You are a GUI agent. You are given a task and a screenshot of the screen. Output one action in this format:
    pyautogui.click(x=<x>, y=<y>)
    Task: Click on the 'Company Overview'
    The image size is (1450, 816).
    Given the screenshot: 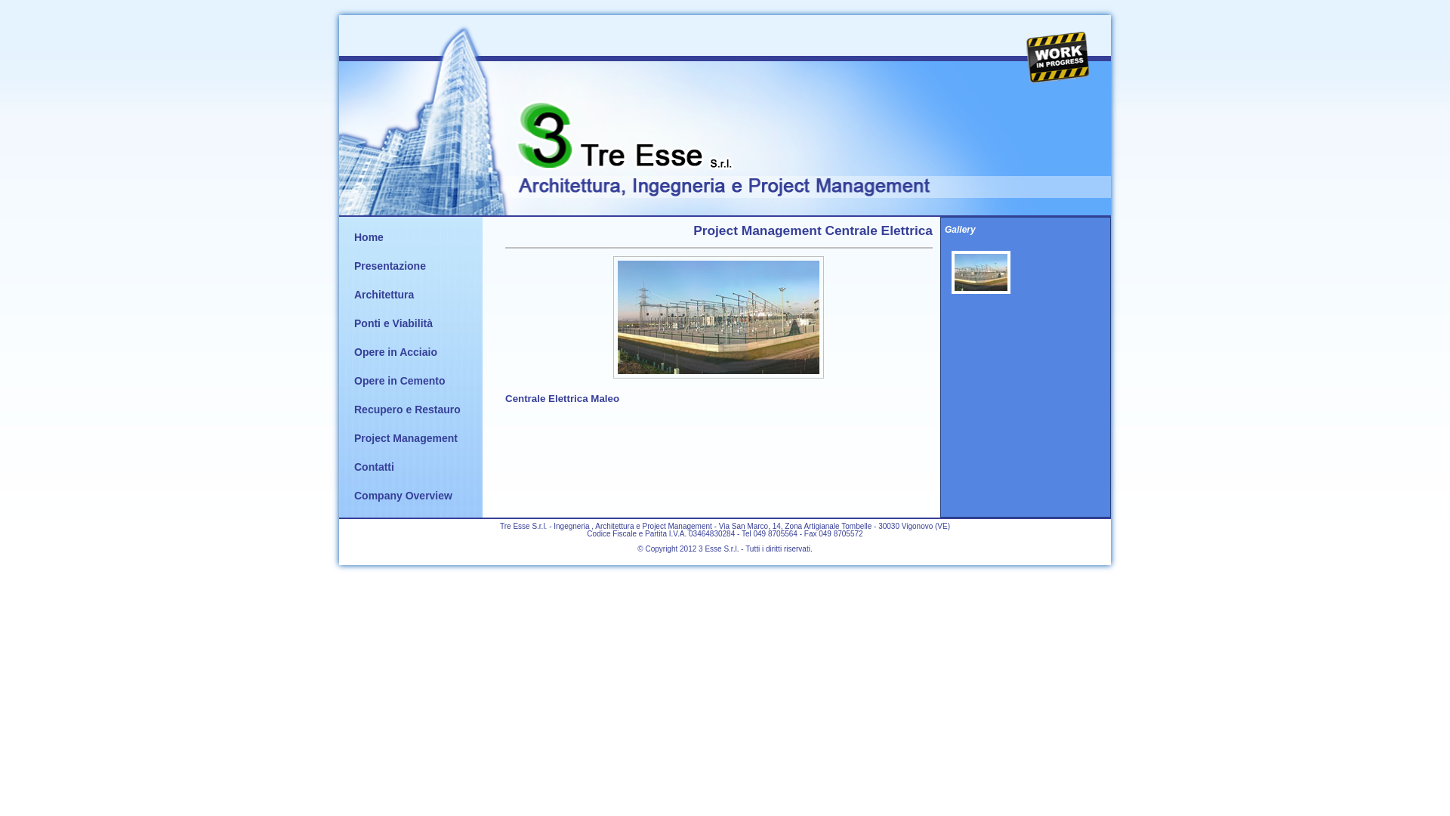 What is the action you would take?
    pyautogui.click(x=353, y=495)
    